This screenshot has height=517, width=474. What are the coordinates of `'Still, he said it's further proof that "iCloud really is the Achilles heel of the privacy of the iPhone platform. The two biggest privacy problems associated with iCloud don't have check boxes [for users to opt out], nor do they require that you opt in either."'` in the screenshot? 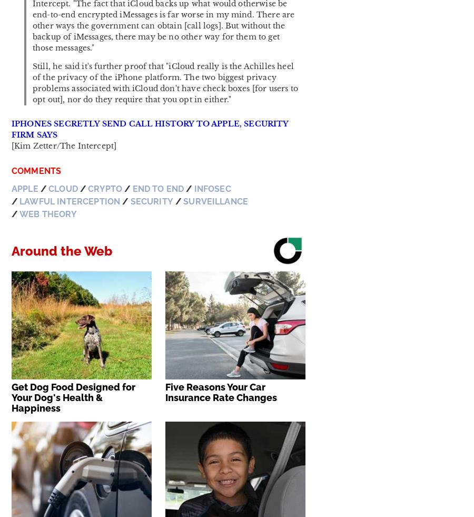 It's located at (164, 82).